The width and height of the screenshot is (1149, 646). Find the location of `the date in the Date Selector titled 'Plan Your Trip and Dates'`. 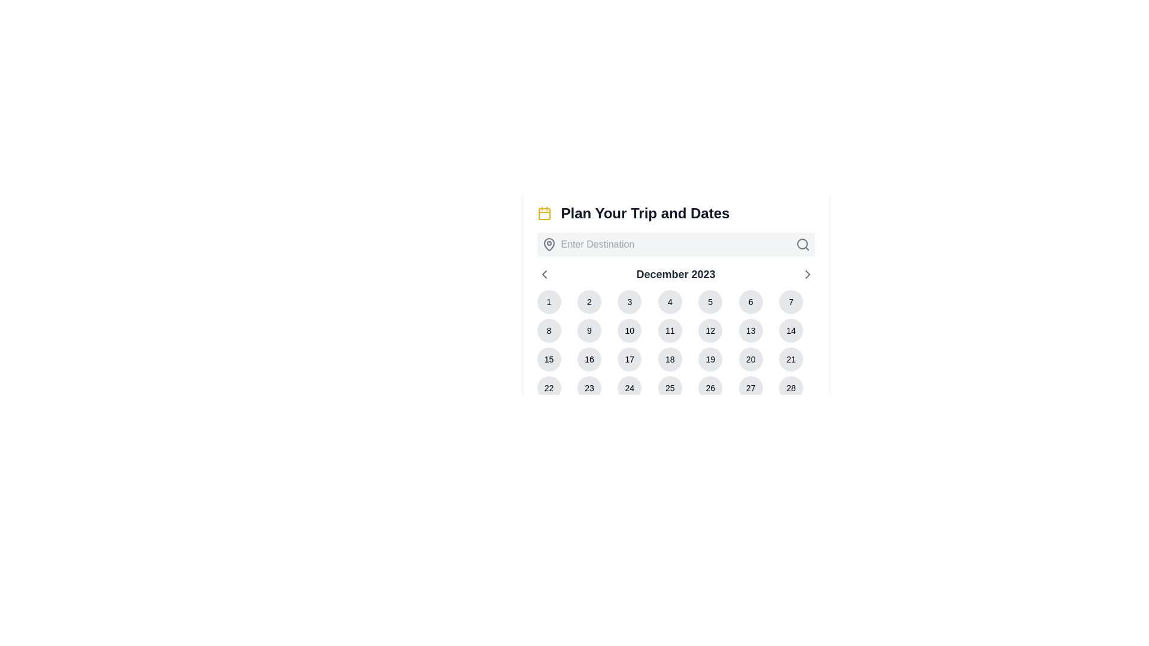

the date in the Date Selector titled 'Plan Your Trip and Dates' is located at coordinates (676, 285).